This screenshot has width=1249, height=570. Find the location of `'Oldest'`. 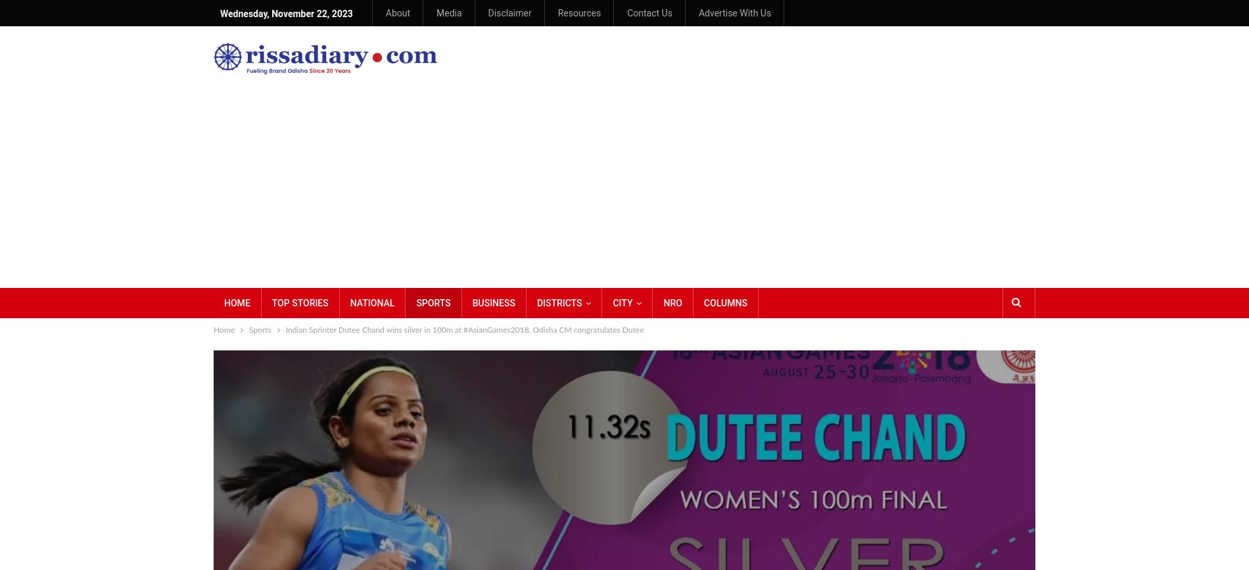

'Oldest' is located at coordinates (922, 87).